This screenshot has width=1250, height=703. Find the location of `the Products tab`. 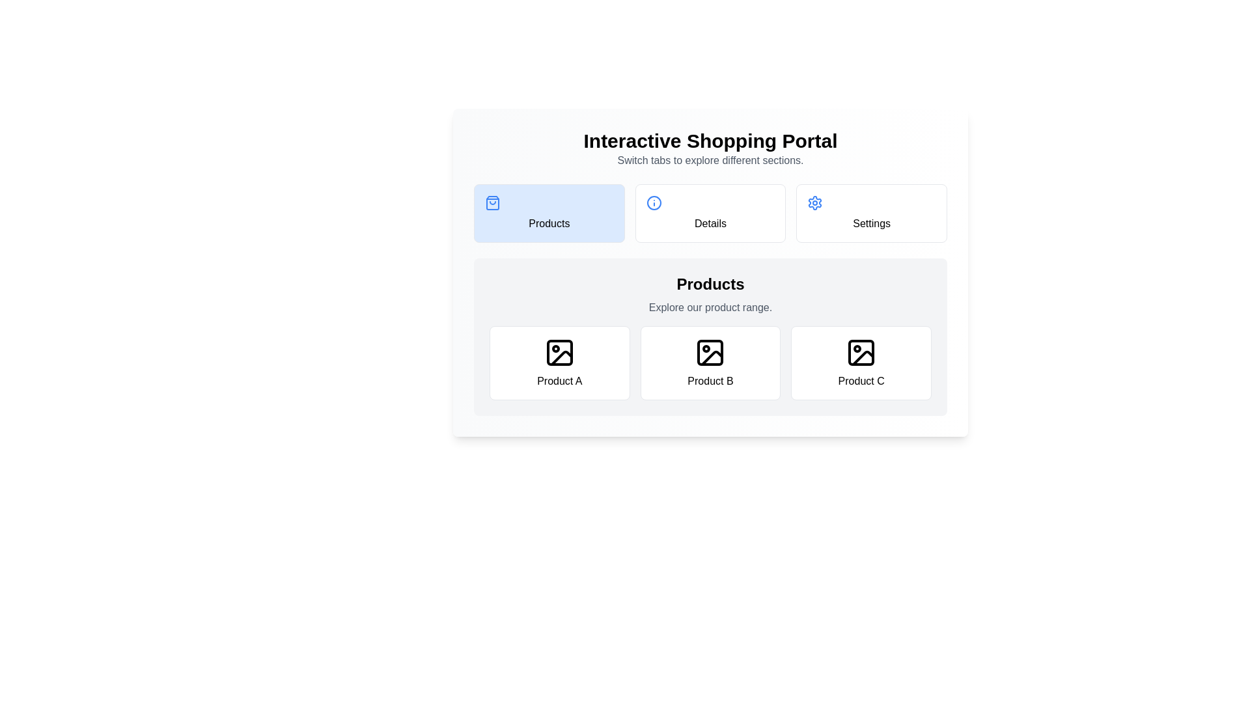

the Products tab is located at coordinates (549, 212).